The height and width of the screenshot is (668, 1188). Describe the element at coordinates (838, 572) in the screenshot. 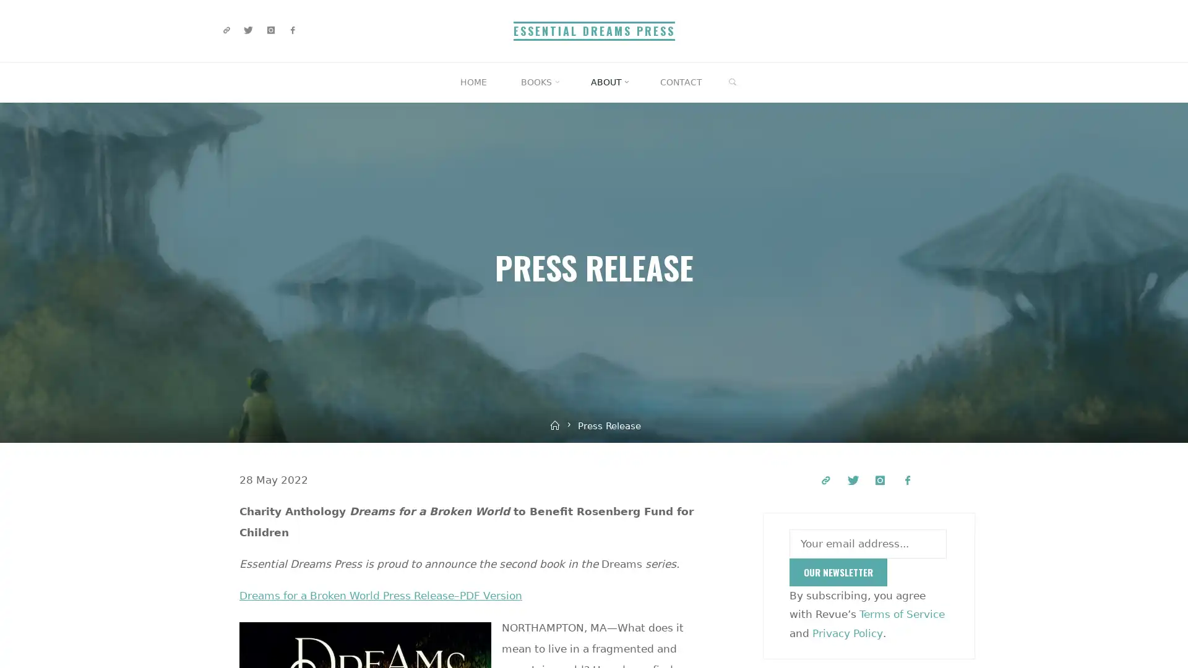

I see `Our Newsletter` at that location.